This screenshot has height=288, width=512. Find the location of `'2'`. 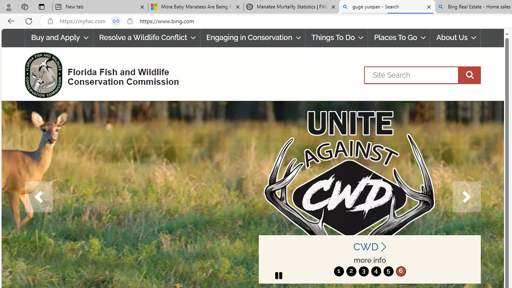

'2' is located at coordinates (351, 271).